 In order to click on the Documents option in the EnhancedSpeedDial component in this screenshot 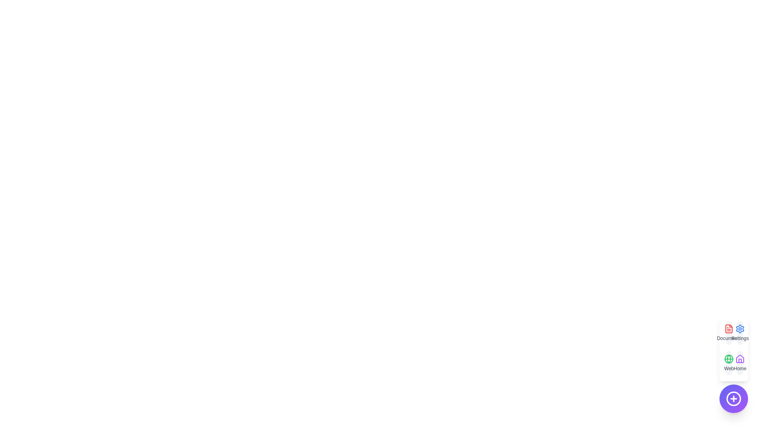, I will do `click(729, 332)`.